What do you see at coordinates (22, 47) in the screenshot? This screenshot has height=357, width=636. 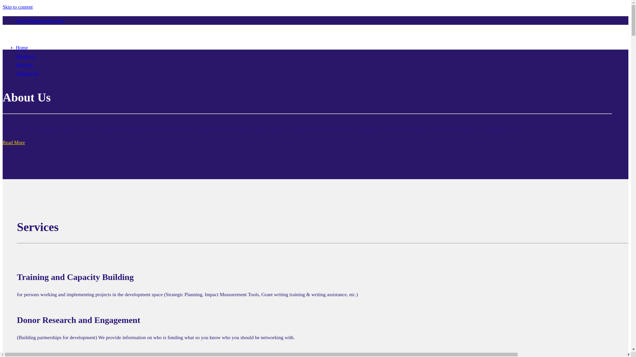 I see `'Home'` at bounding box center [22, 47].